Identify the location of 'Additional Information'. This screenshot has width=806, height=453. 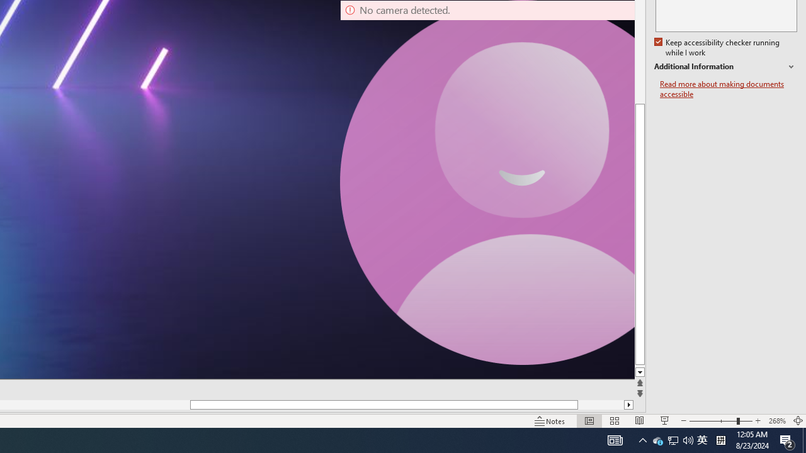
(725, 67).